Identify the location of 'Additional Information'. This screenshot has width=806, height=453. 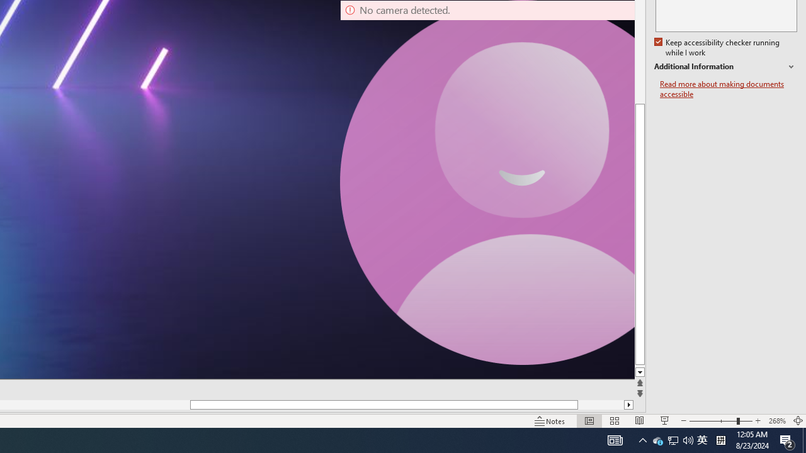
(725, 67).